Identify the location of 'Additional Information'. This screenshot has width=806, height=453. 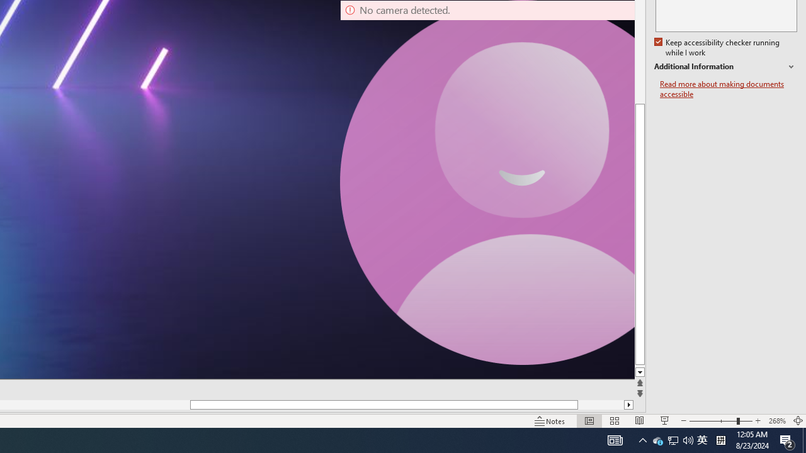
(725, 67).